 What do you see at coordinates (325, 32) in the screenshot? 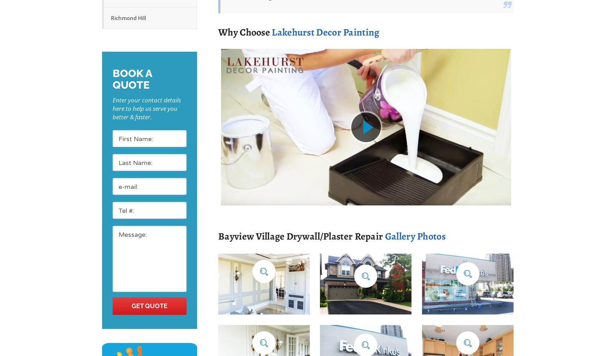
I see `'Lakehurst Decor Painting'` at bounding box center [325, 32].